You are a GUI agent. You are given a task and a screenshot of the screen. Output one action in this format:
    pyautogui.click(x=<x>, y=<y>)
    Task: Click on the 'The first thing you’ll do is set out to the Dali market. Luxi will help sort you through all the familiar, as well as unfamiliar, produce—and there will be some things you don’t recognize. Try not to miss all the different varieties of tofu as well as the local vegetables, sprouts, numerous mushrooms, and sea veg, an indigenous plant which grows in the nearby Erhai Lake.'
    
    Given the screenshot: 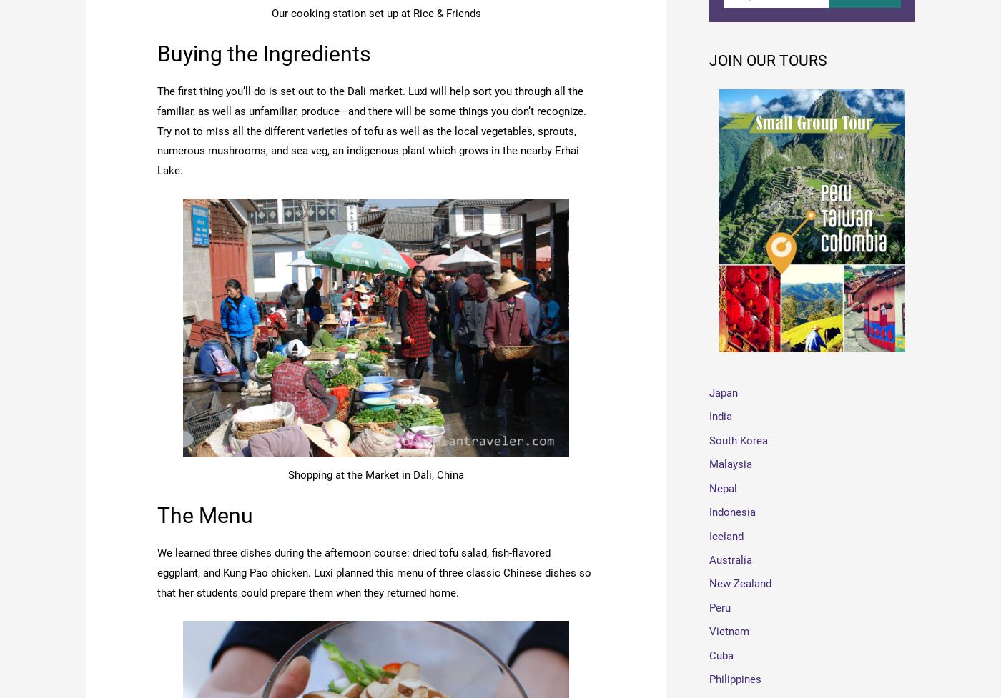 What is the action you would take?
    pyautogui.click(x=371, y=129)
    